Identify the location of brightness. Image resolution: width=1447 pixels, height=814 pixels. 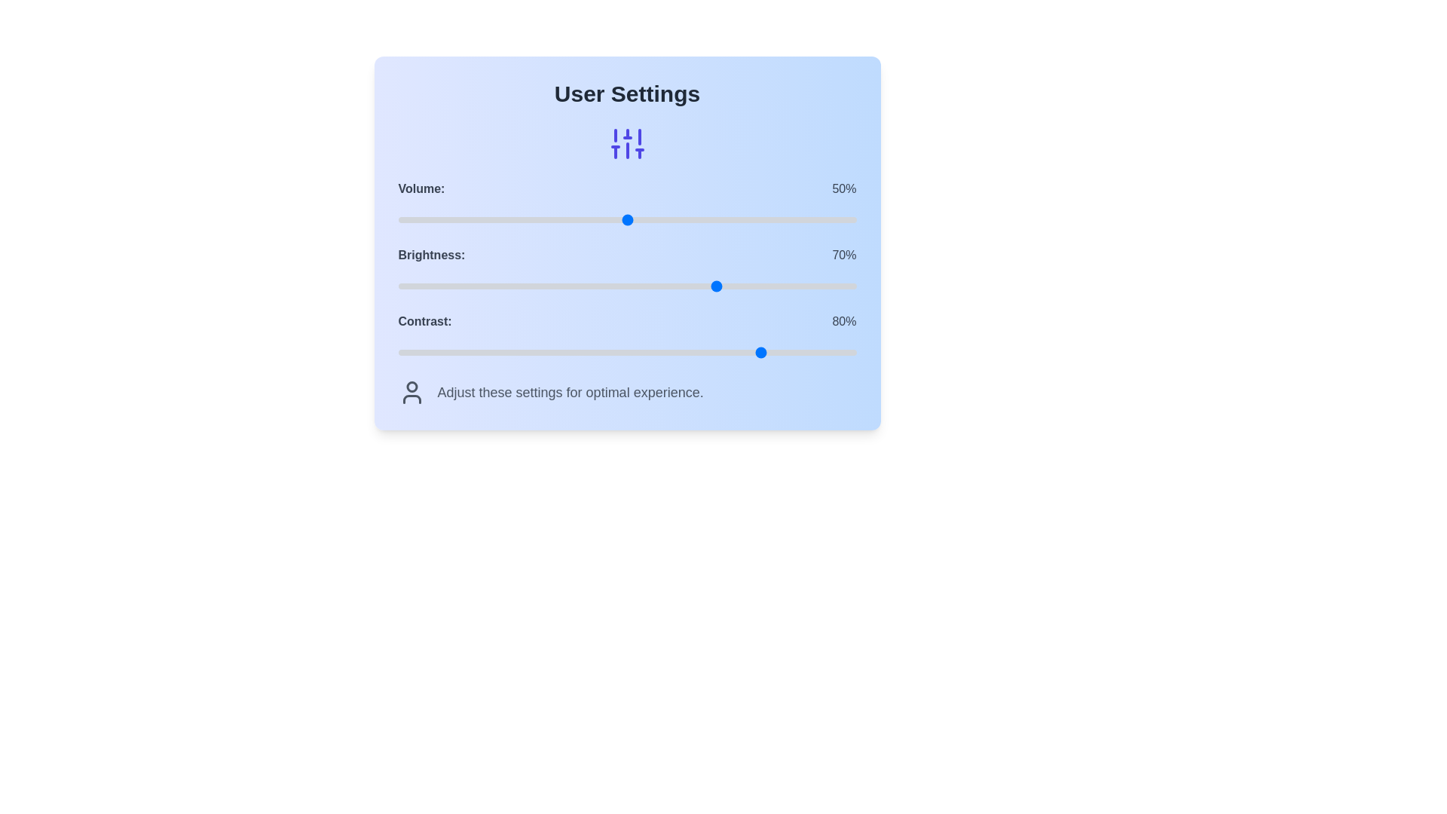
(508, 286).